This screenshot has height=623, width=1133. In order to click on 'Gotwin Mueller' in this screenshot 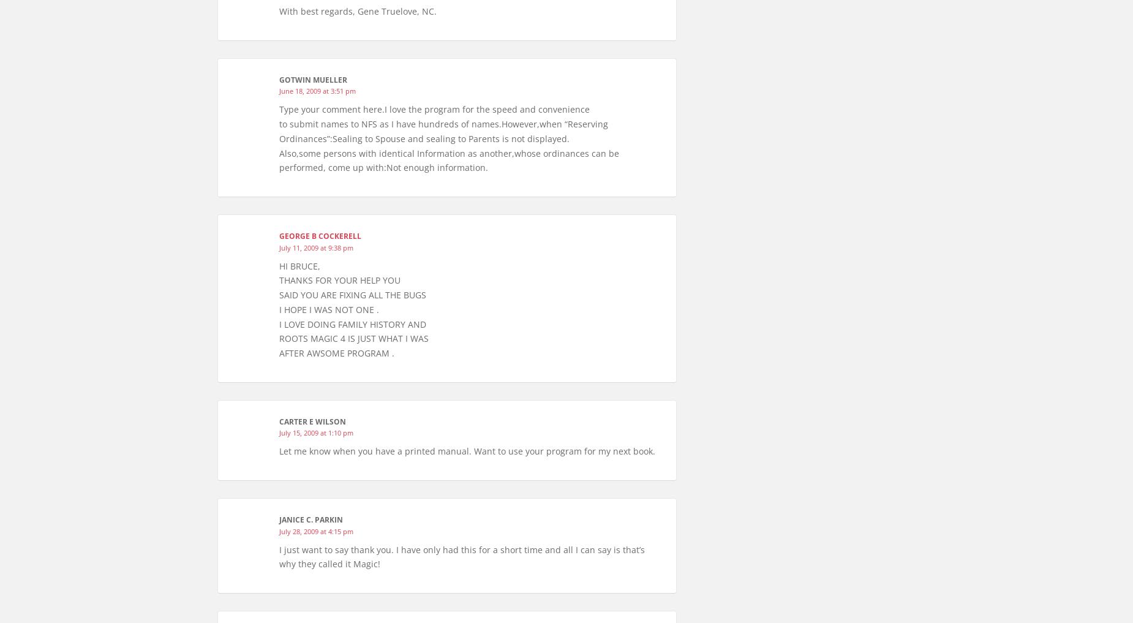, I will do `click(313, 78)`.